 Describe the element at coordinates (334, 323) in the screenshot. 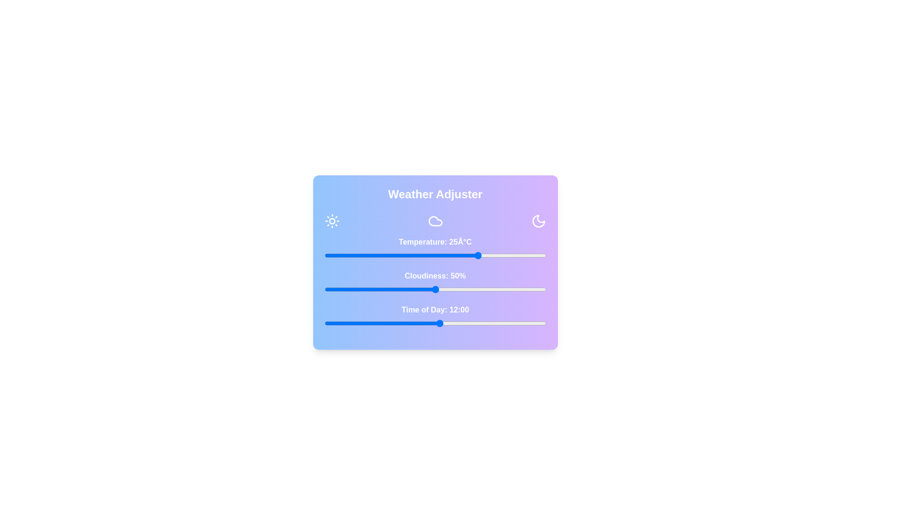

I see `the time of day` at that location.